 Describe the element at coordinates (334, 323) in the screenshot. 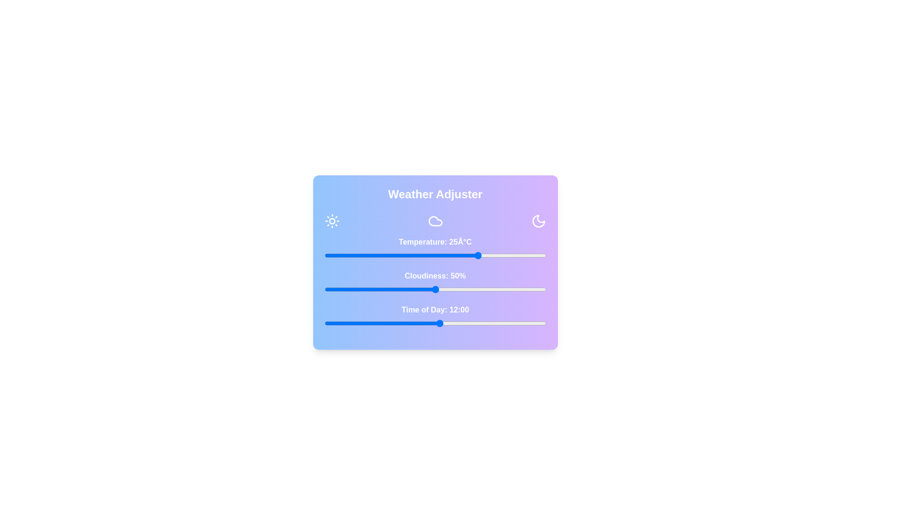

I see `the time of day` at that location.